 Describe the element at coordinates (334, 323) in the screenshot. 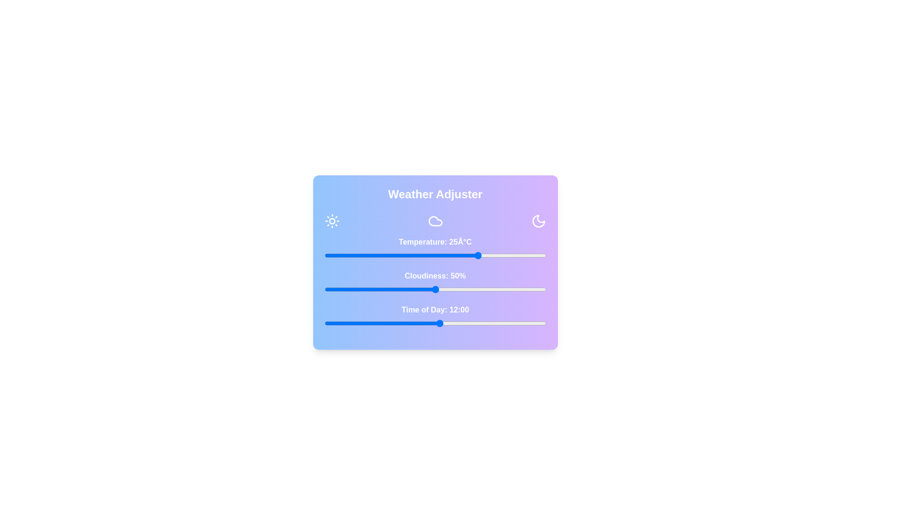

I see `the time of day` at that location.